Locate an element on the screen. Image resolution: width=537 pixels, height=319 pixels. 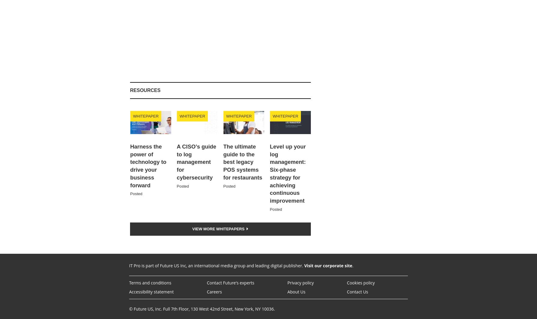
'Contact Us' is located at coordinates (357, 291).